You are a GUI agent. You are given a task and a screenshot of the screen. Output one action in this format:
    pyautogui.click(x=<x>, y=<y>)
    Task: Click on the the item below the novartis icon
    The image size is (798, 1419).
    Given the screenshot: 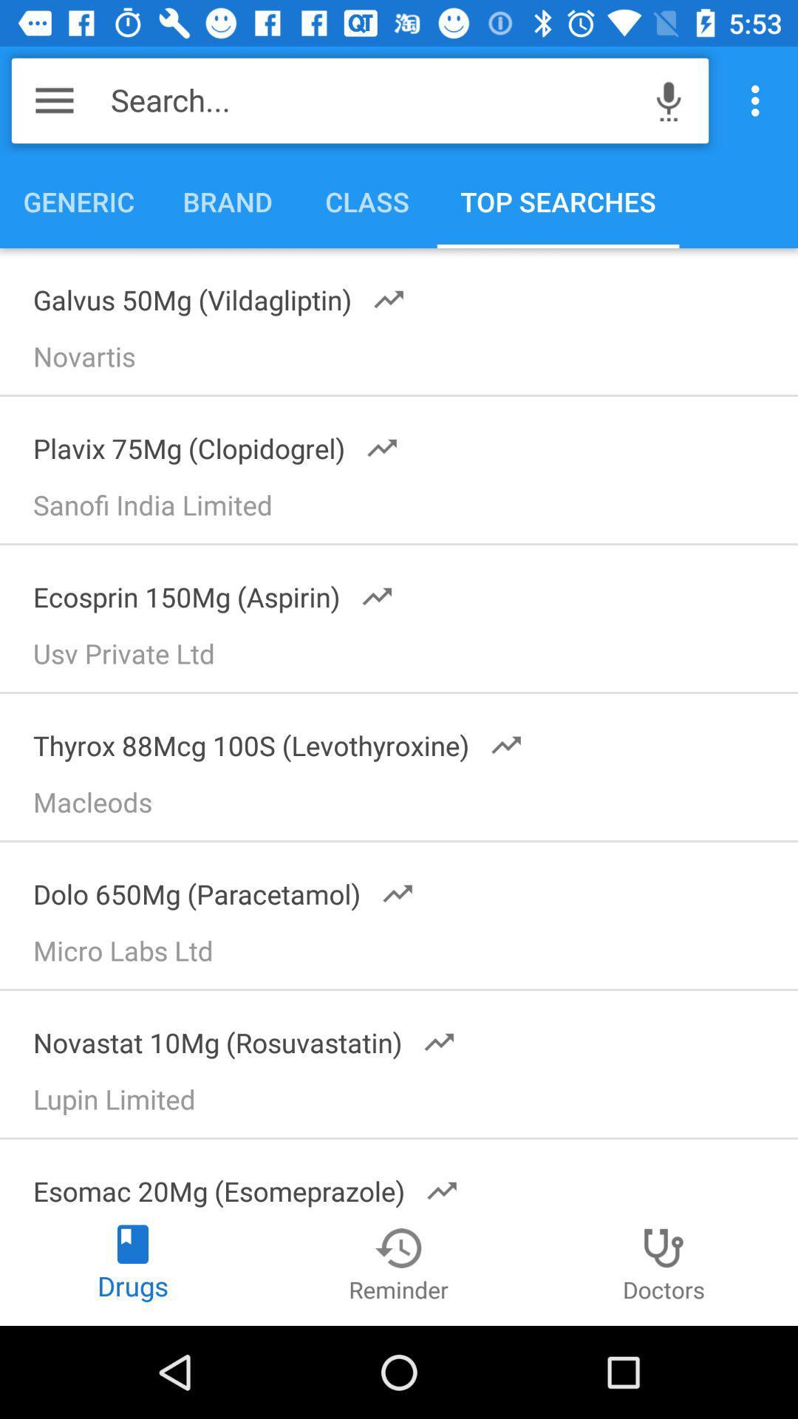 What is the action you would take?
    pyautogui.click(x=206, y=443)
    